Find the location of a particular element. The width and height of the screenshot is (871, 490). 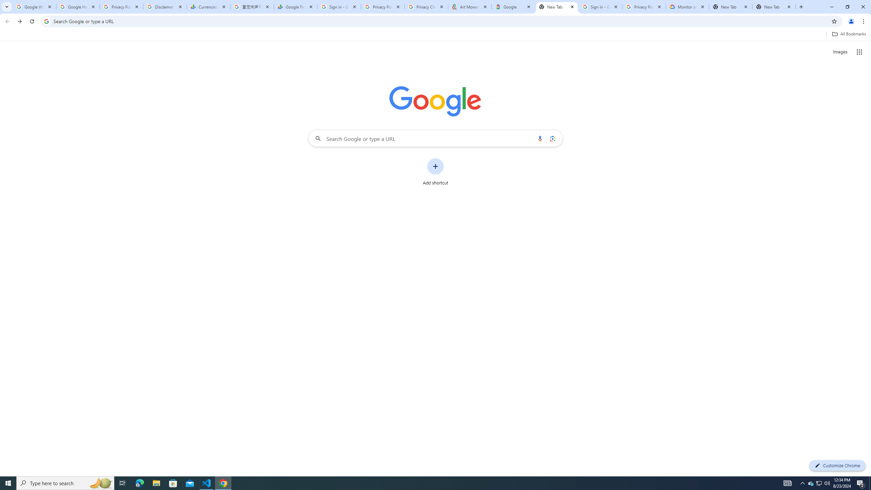

'Search by voice' is located at coordinates (540, 138).